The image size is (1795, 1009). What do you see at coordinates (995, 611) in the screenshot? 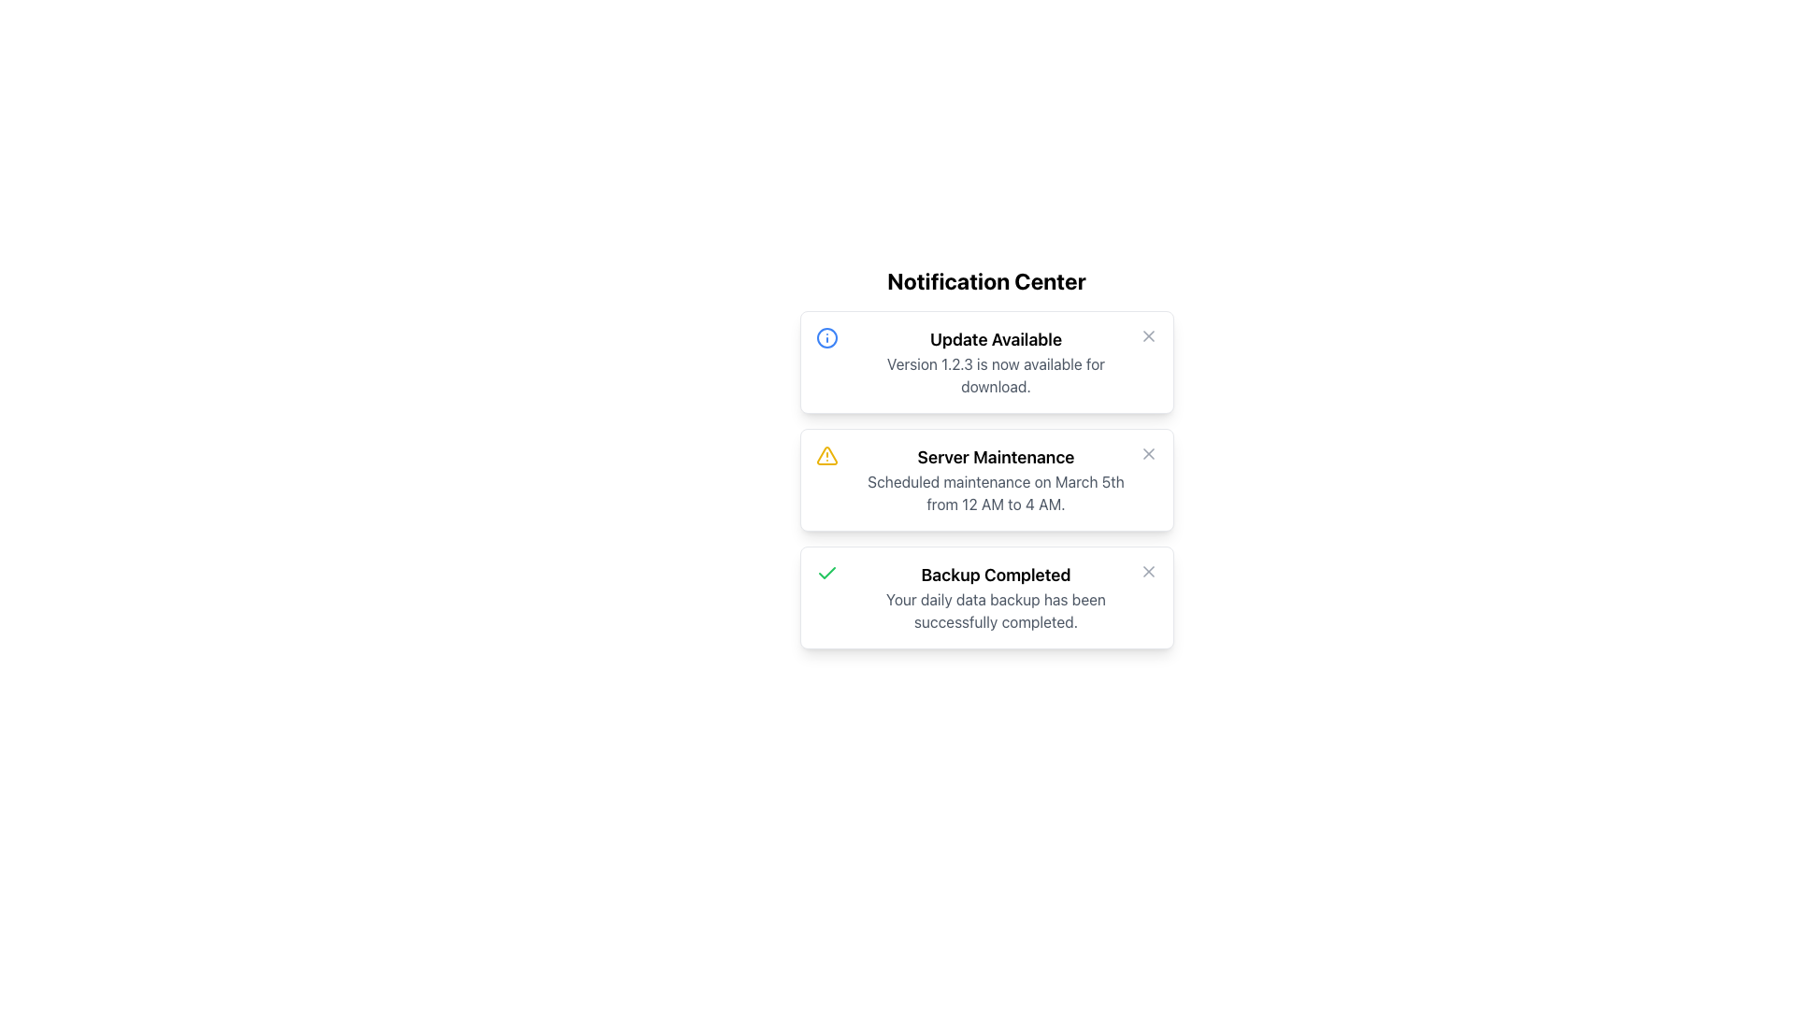
I see `the text element that reads 'Your daily data backup has been successfully completed,' located under the title 'Backup Completed' in the notification card` at bounding box center [995, 611].